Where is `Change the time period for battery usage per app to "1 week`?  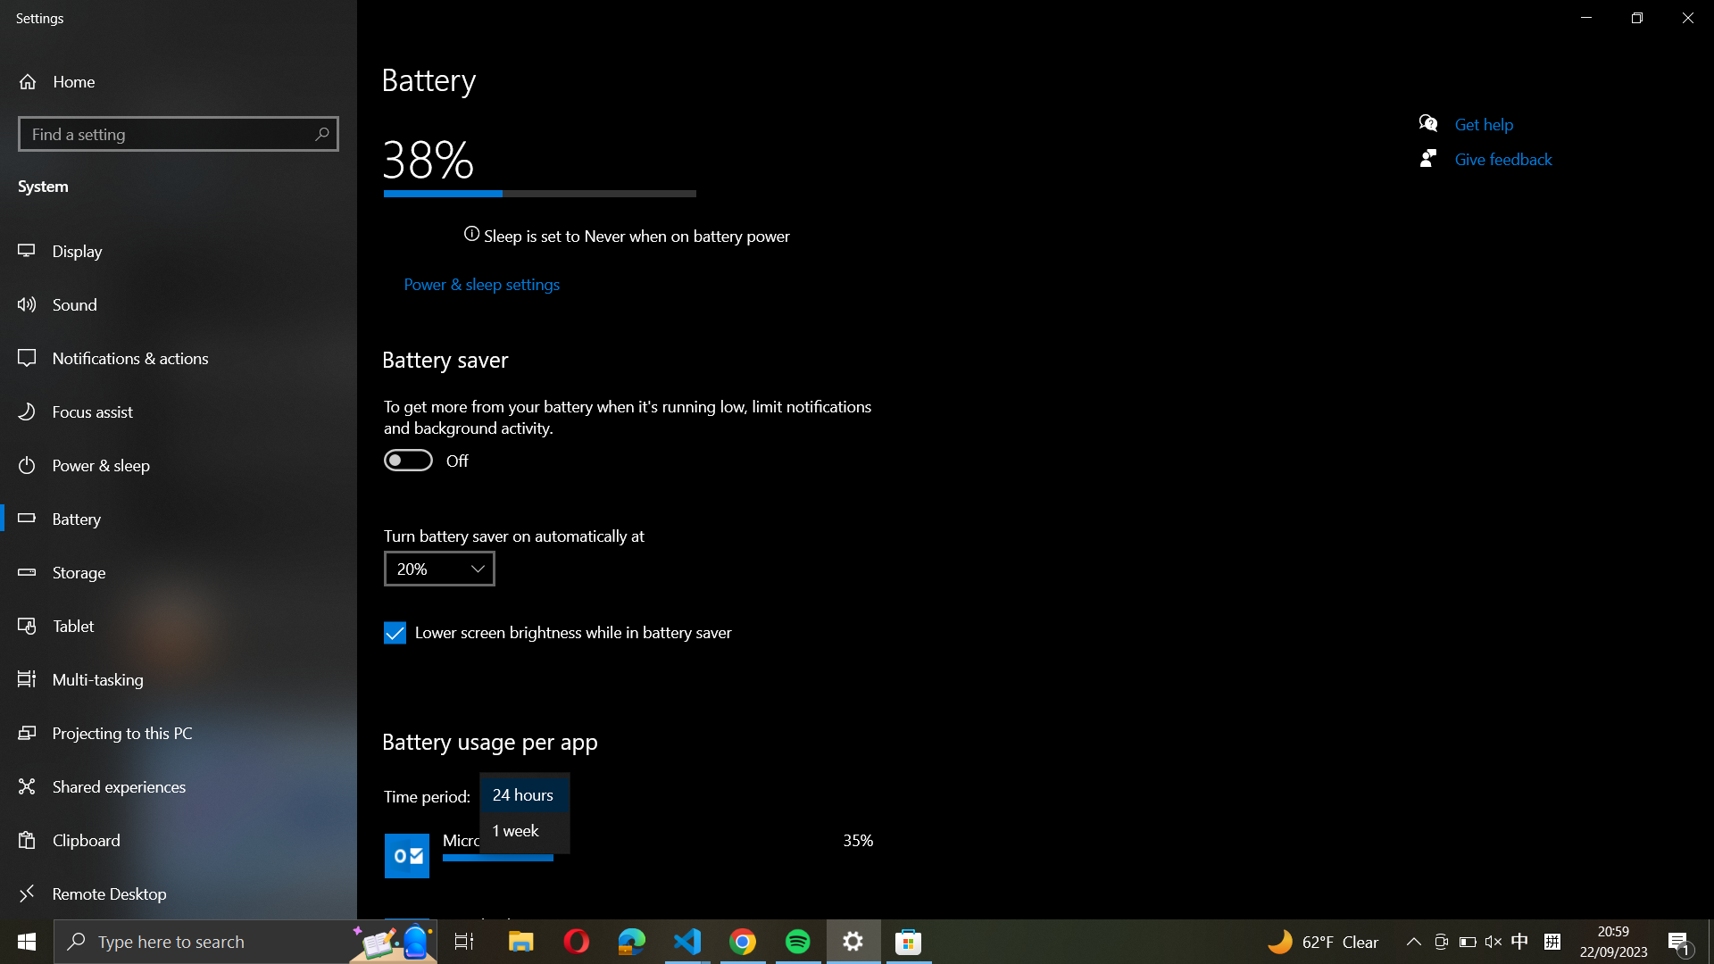 Change the time period for battery usage per app to "1 week is located at coordinates (524, 830).